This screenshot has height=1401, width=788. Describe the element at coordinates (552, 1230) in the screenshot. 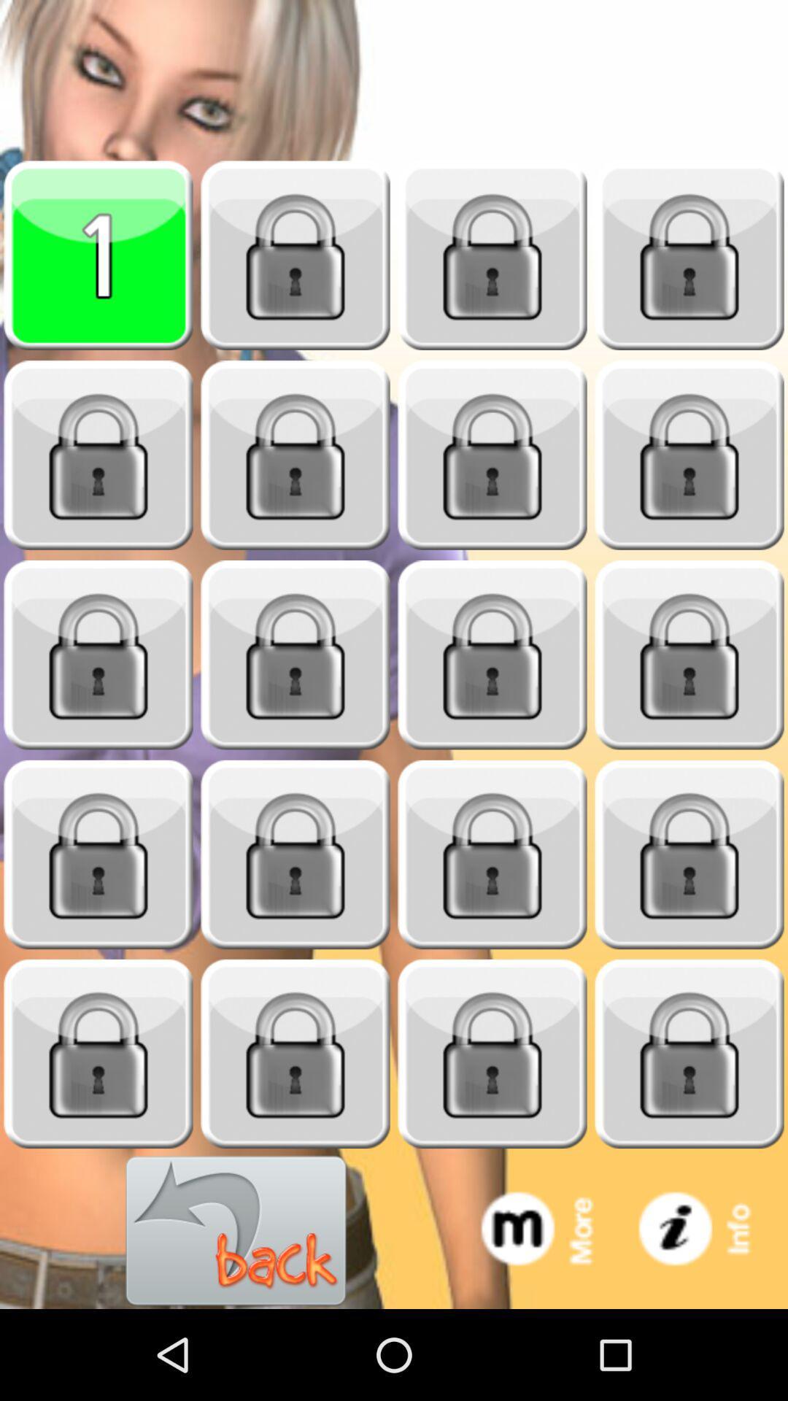

I see `see more` at that location.